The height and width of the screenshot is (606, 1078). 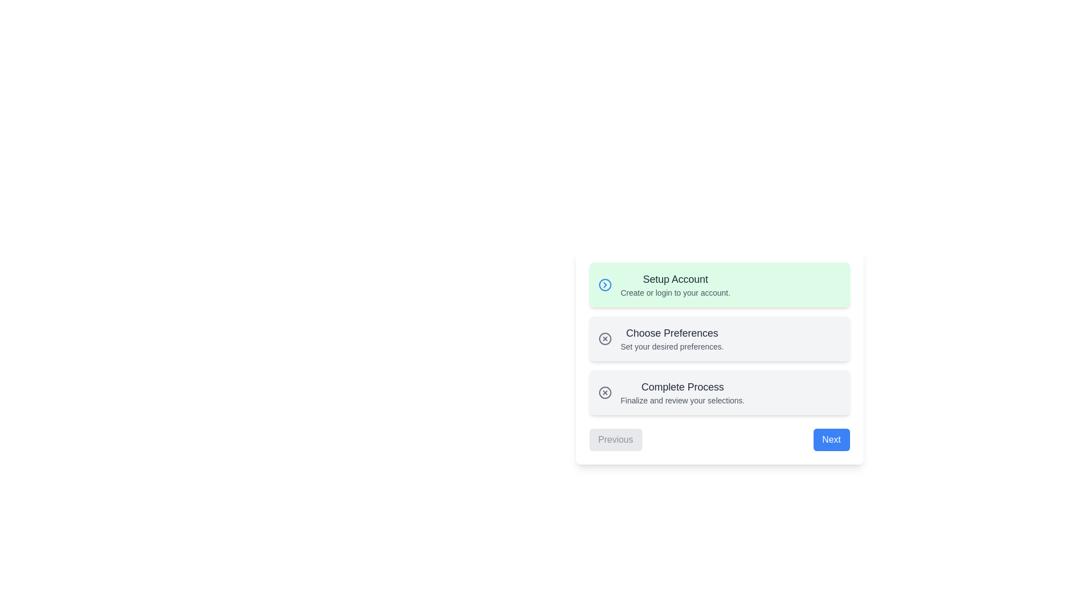 What do you see at coordinates (604, 284) in the screenshot?
I see `the navigational icon located to the left of the 'Setup Account' text in the green-highlighted section` at bounding box center [604, 284].